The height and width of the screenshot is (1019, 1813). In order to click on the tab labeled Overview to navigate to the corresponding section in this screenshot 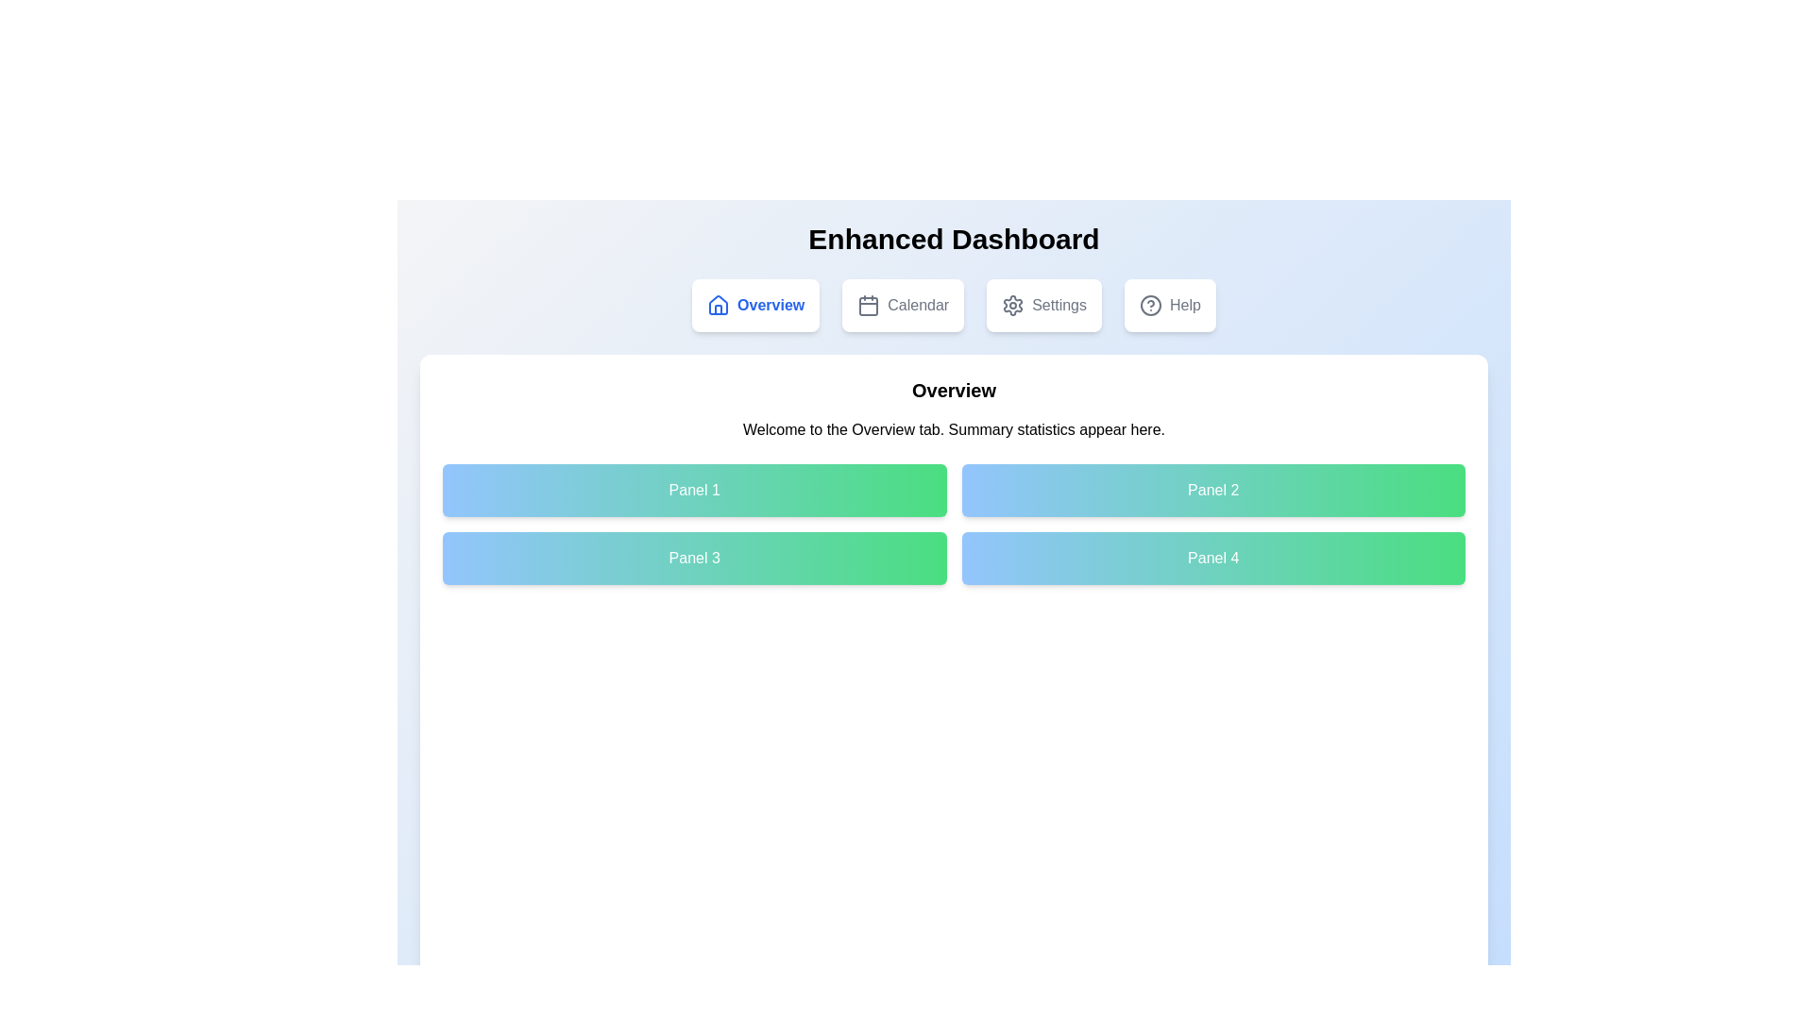, I will do `click(755, 305)`.